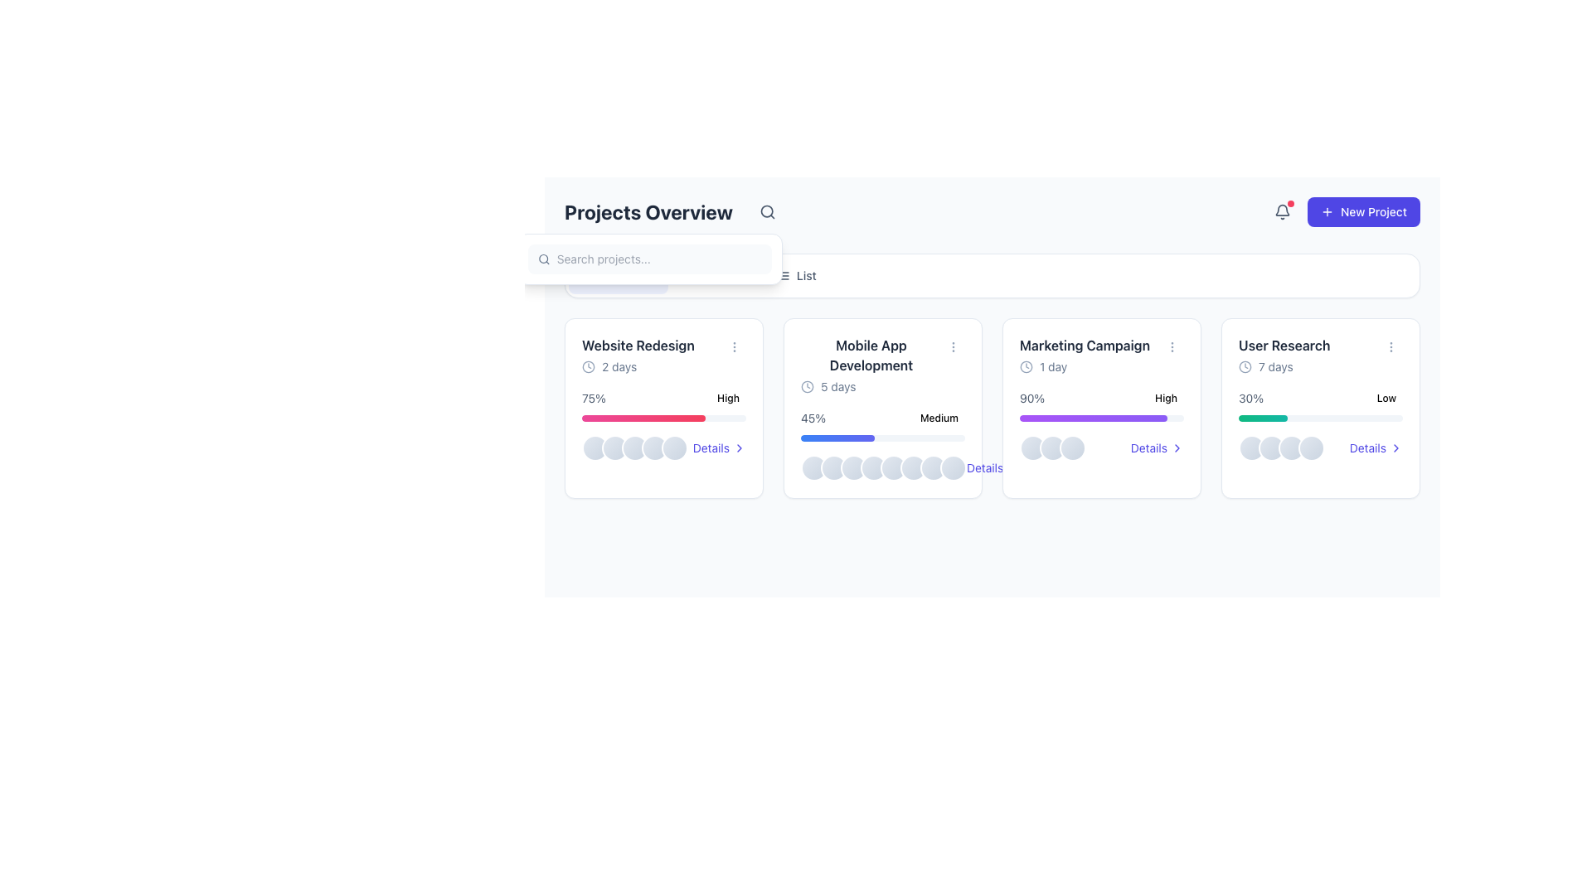 Image resolution: width=1592 pixels, height=895 pixels. Describe the element at coordinates (1395, 447) in the screenshot. I see `the interactive icon located in the bottom-right segment of the 'User Research' project card, immediately to the right of the 'Details' text` at that location.